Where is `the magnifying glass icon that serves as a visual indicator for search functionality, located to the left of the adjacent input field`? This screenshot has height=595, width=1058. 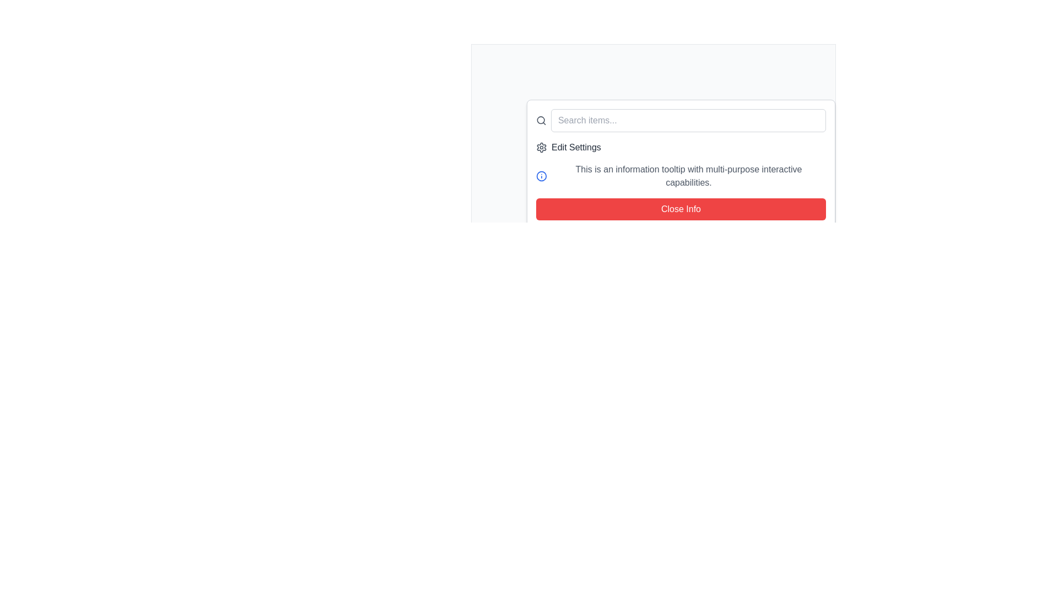 the magnifying glass icon that serves as a visual indicator for search functionality, located to the left of the adjacent input field is located at coordinates (541, 121).